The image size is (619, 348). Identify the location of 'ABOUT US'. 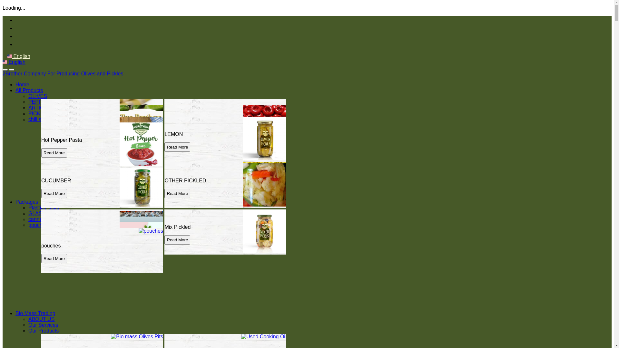
(41, 319).